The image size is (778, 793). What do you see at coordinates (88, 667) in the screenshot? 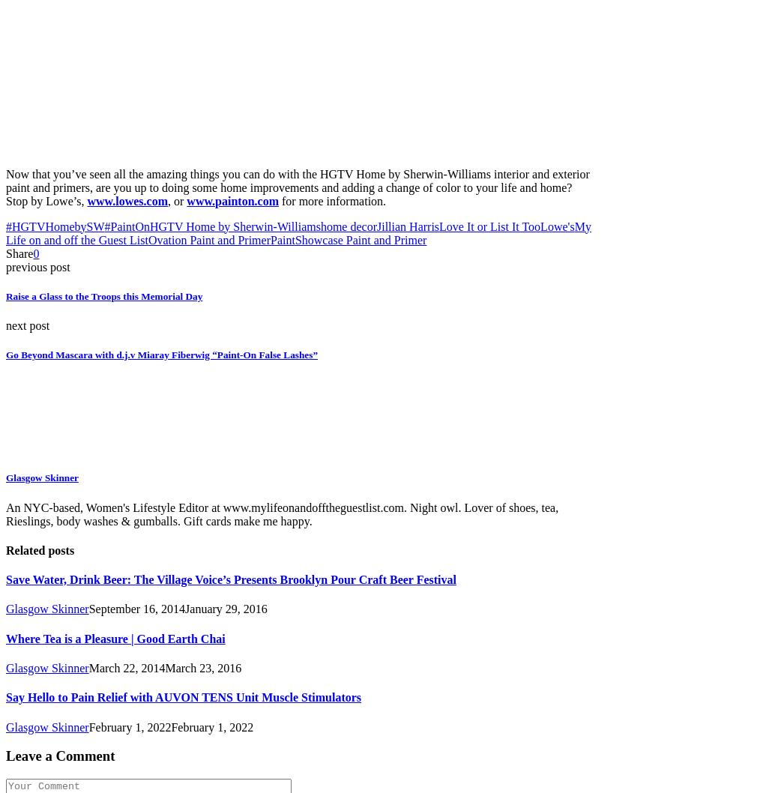
I see `'March 22, 2014'` at bounding box center [88, 667].